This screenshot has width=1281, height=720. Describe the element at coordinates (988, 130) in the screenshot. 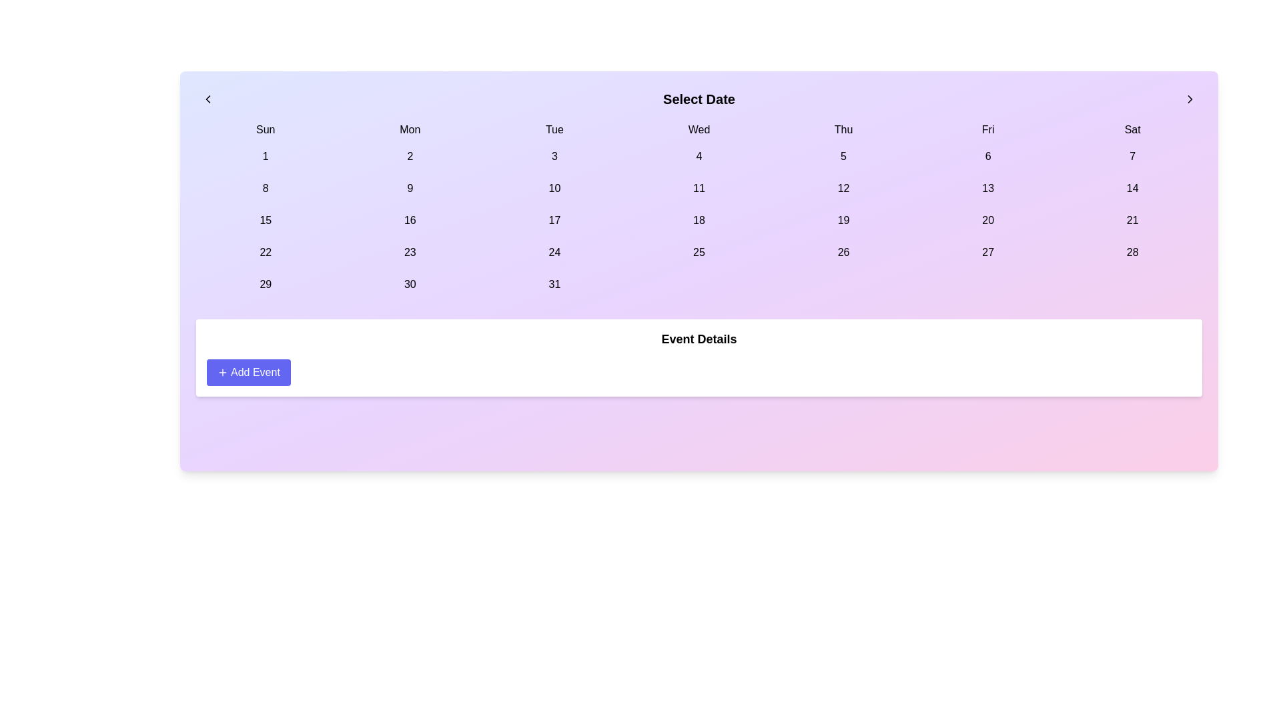

I see `the text label styled as 'Fri' in the sixth column of the grid layout representing Friday` at that location.